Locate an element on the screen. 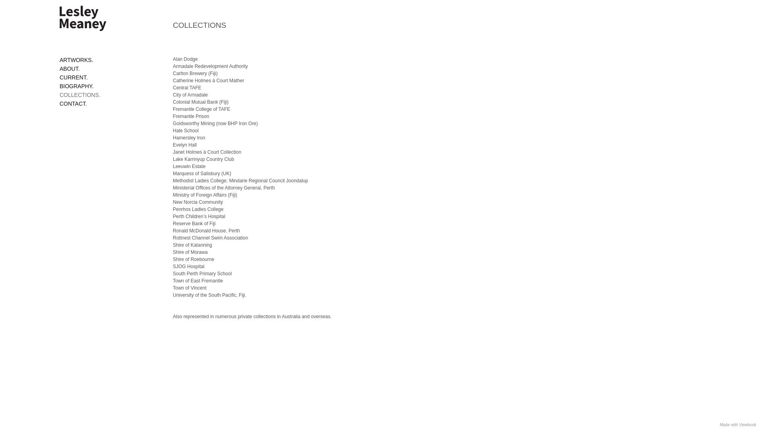 This screenshot has width=763, height=429. 'ABOUT.' is located at coordinates (70, 68).